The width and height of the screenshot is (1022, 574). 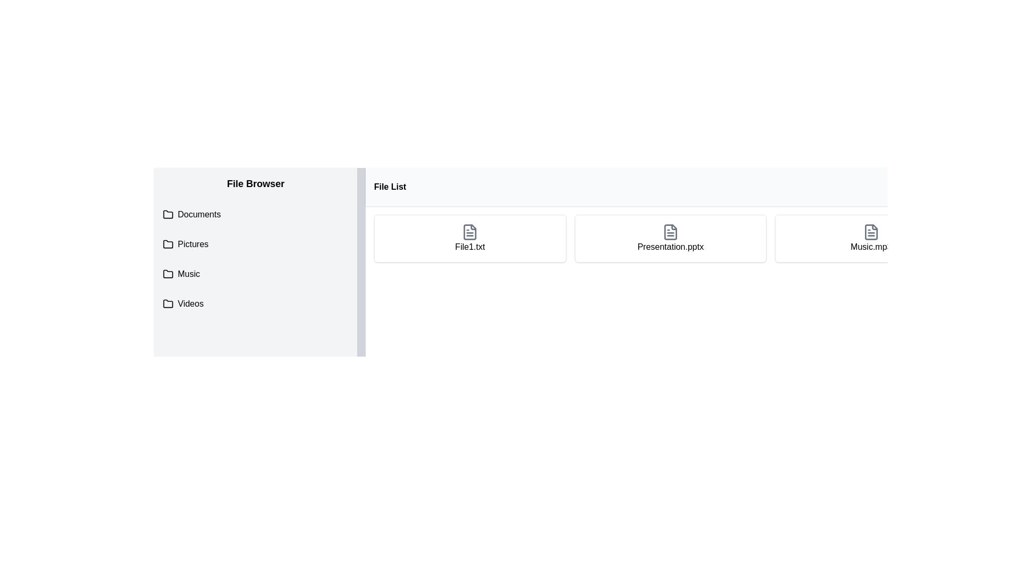 What do you see at coordinates (871, 231) in the screenshot?
I see `SVG icon representing the 'Music.mp3' file located in the rightmost part of the file list section using developer tools` at bounding box center [871, 231].